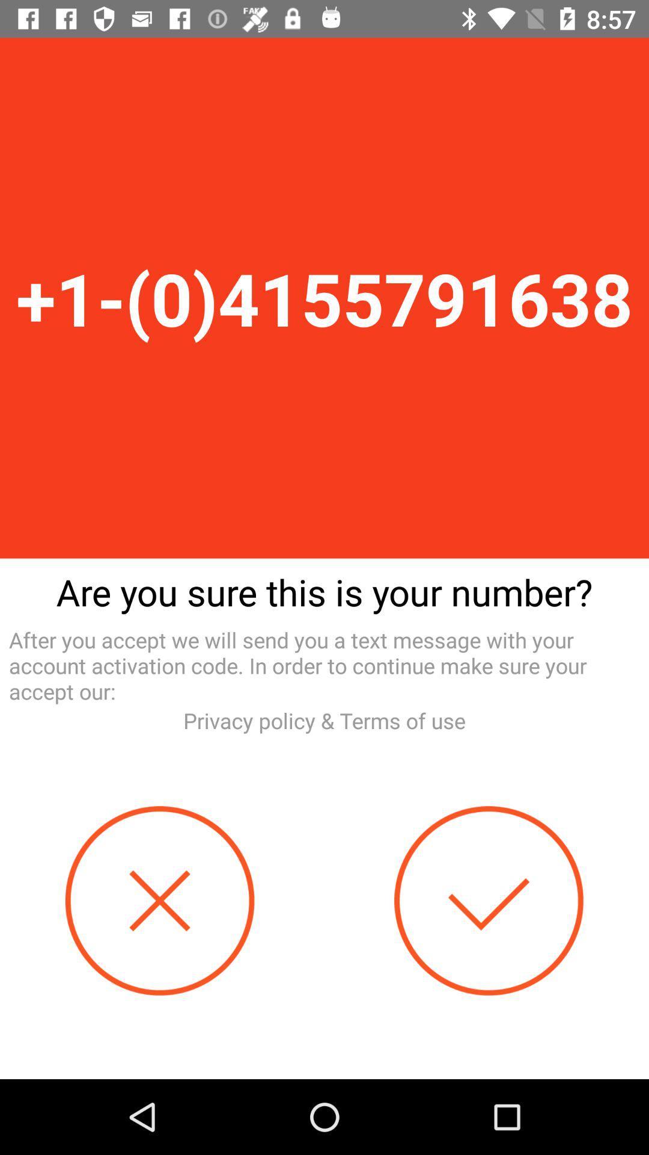  I want to click on reenter phone number, so click(159, 901).